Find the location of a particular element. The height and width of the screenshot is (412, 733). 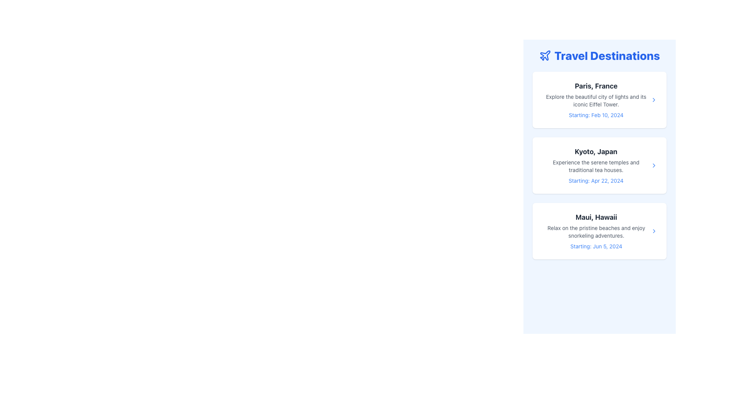

the right-facing chevron icon styled in blue located in the lower part of the card for 'Maui, Hawaii', which is the third icon from the top is located at coordinates (654, 230).